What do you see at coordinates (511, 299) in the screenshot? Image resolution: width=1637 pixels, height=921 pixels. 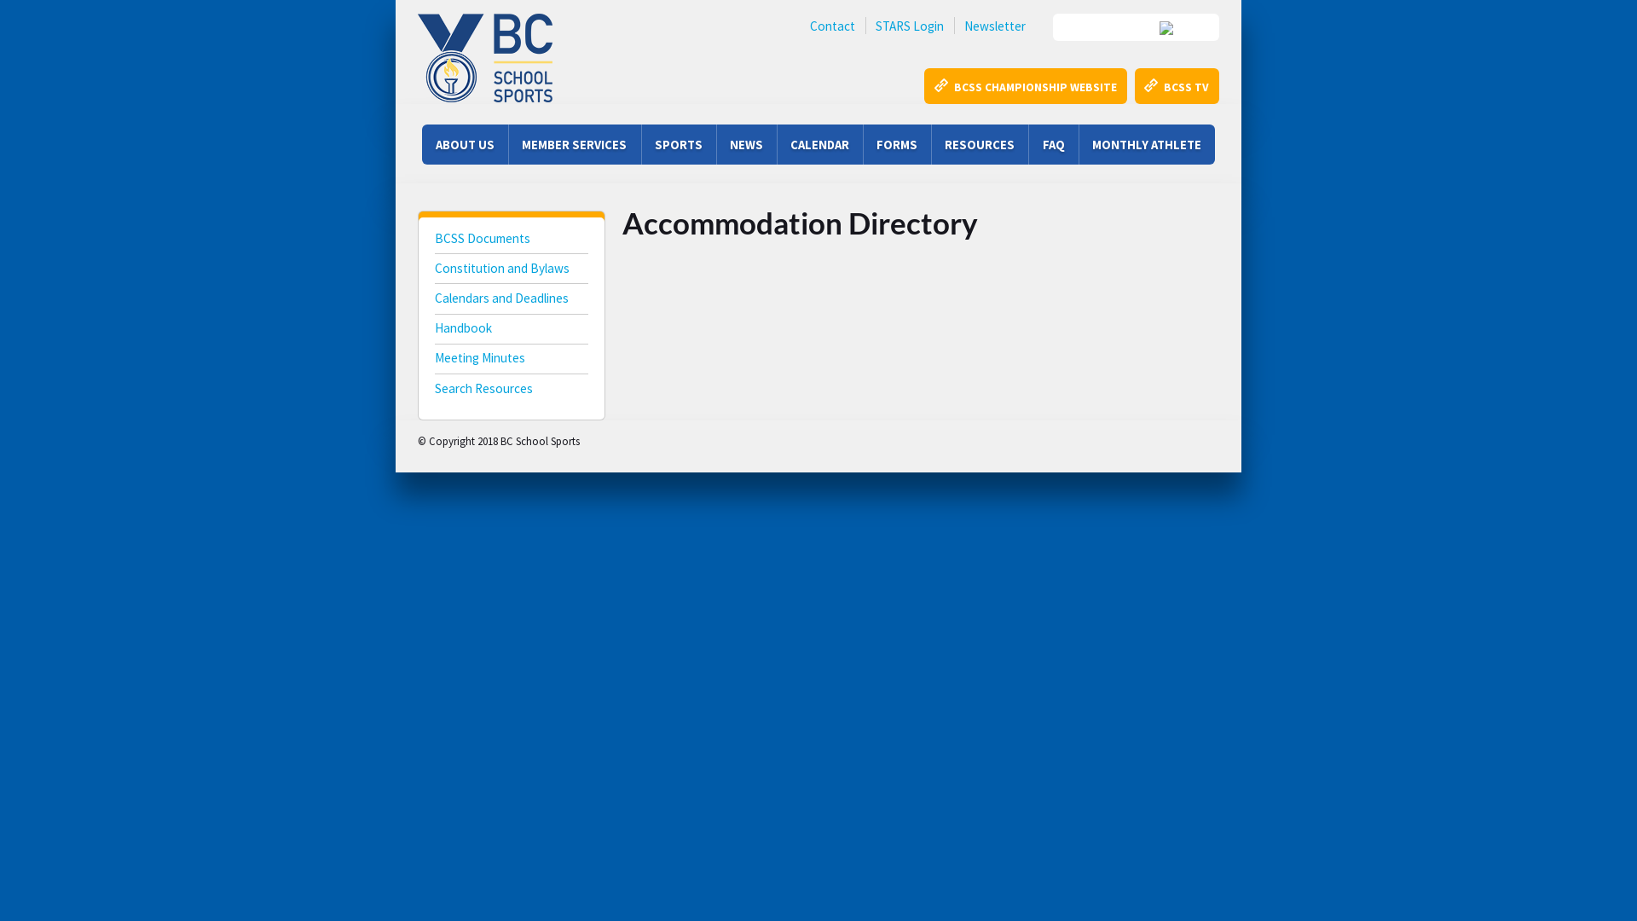 I see `'Calendars and Deadlines'` at bounding box center [511, 299].